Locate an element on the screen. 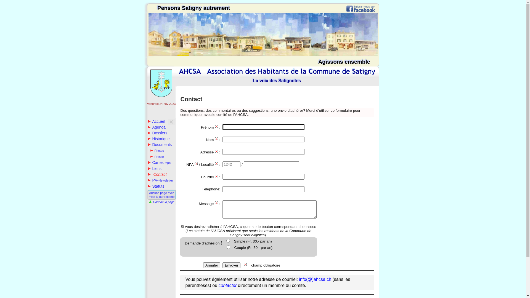 The height and width of the screenshot is (298, 530). 'PV+Newsletter' is located at coordinates (160, 180).